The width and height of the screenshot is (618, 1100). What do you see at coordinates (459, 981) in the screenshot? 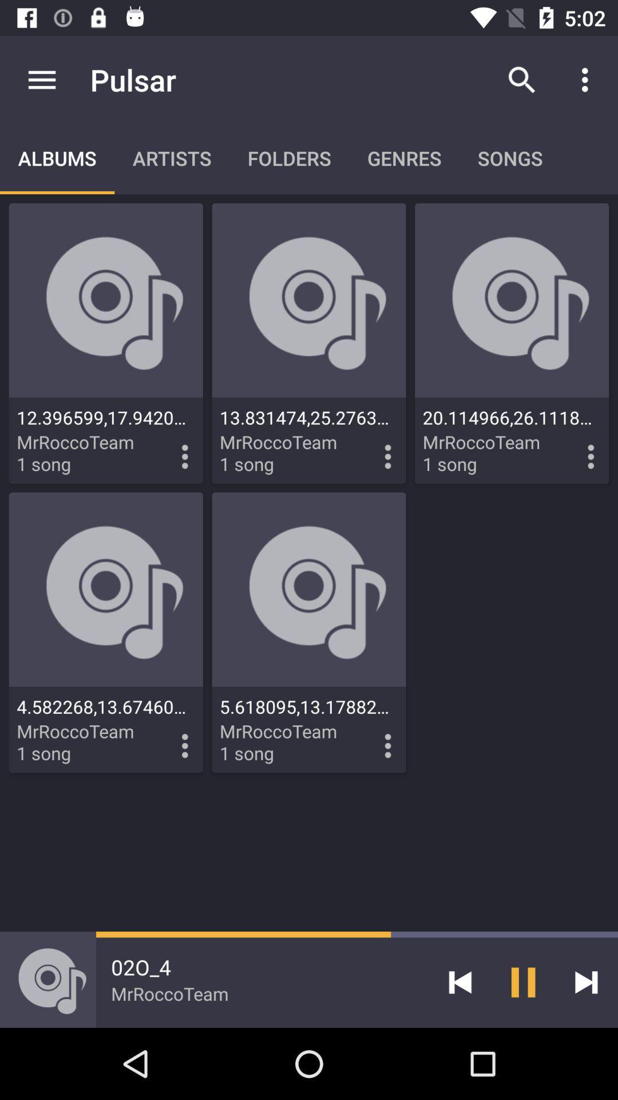
I see `the skip_previous icon` at bounding box center [459, 981].